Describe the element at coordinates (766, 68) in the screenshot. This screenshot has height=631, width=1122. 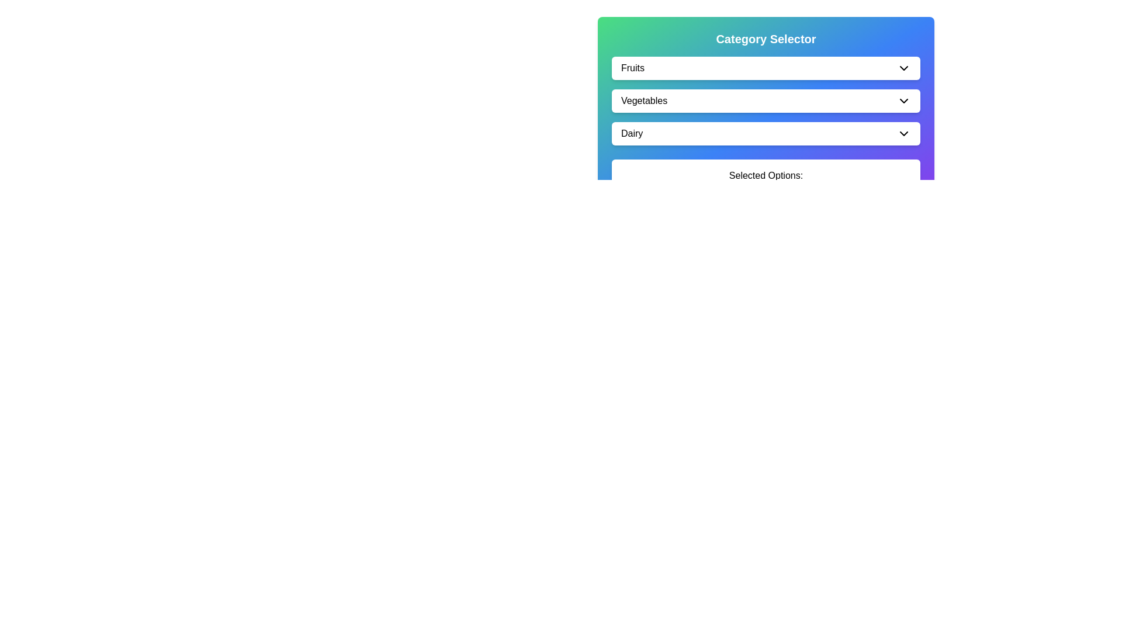
I see `the 'Fruits' dropdown menu` at that location.